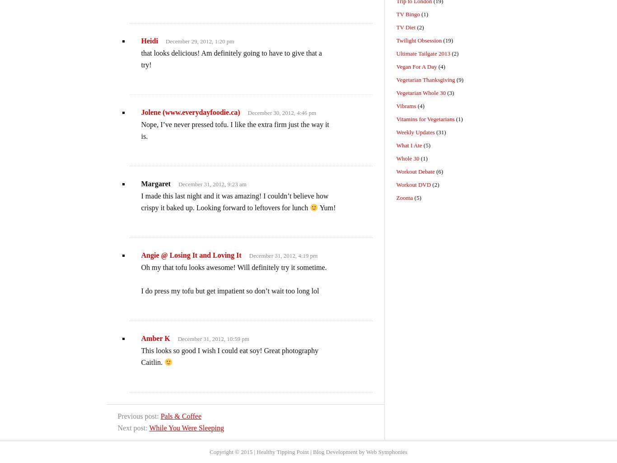  Describe the element at coordinates (440, 132) in the screenshot. I see `'(31)'` at that location.